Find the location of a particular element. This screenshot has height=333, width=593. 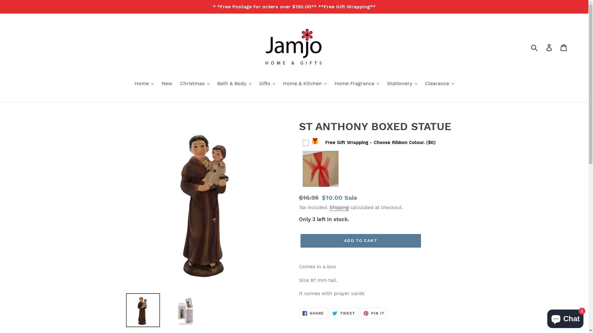

'TWEET is located at coordinates (343, 313).